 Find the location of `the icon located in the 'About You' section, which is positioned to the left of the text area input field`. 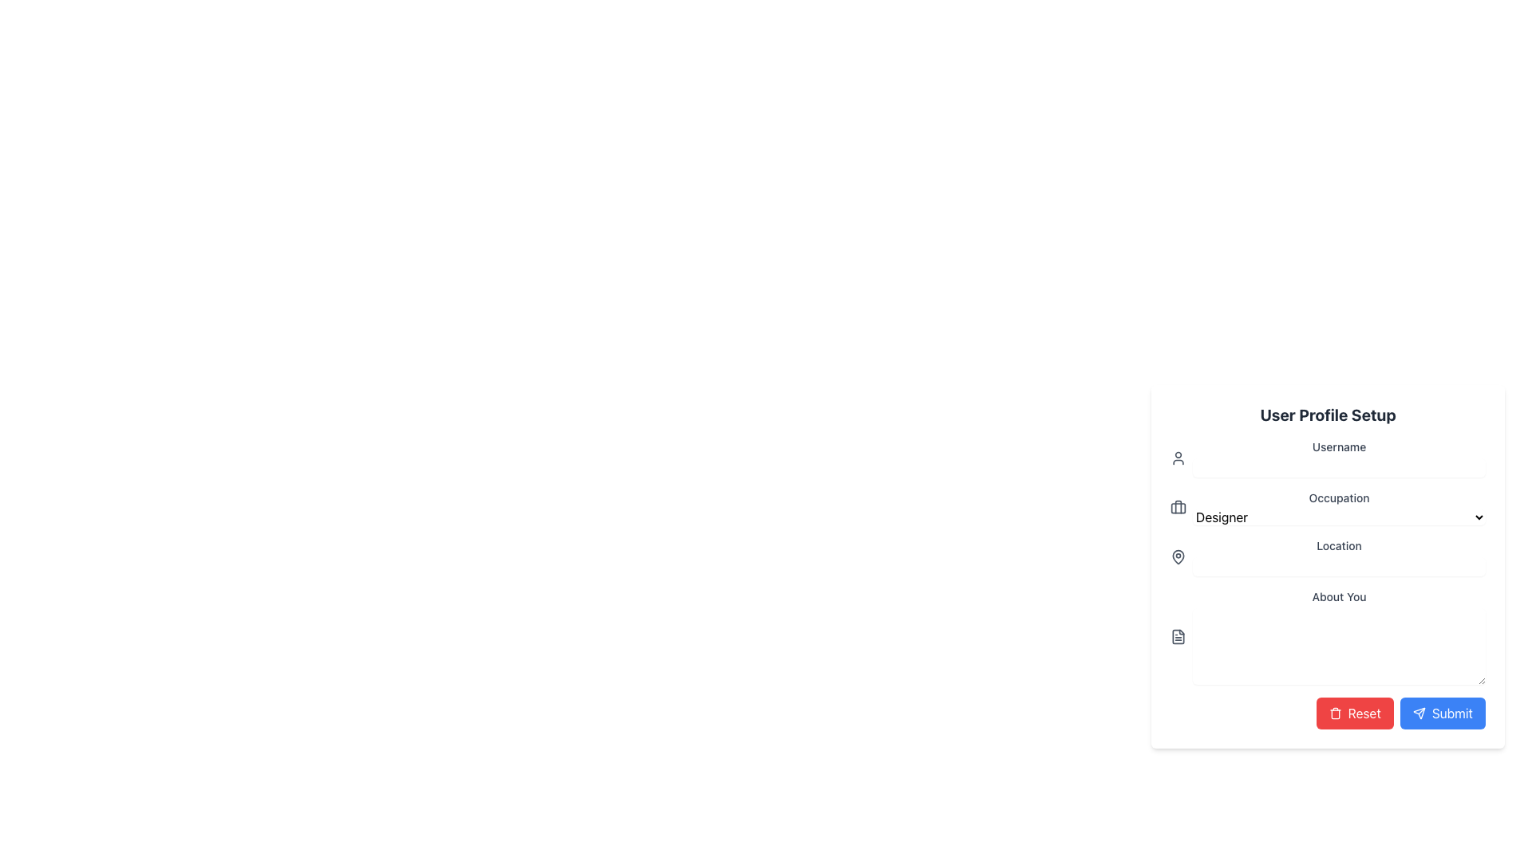

the icon located in the 'About You' section, which is positioned to the left of the text area input field is located at coordinates (1179, 635).